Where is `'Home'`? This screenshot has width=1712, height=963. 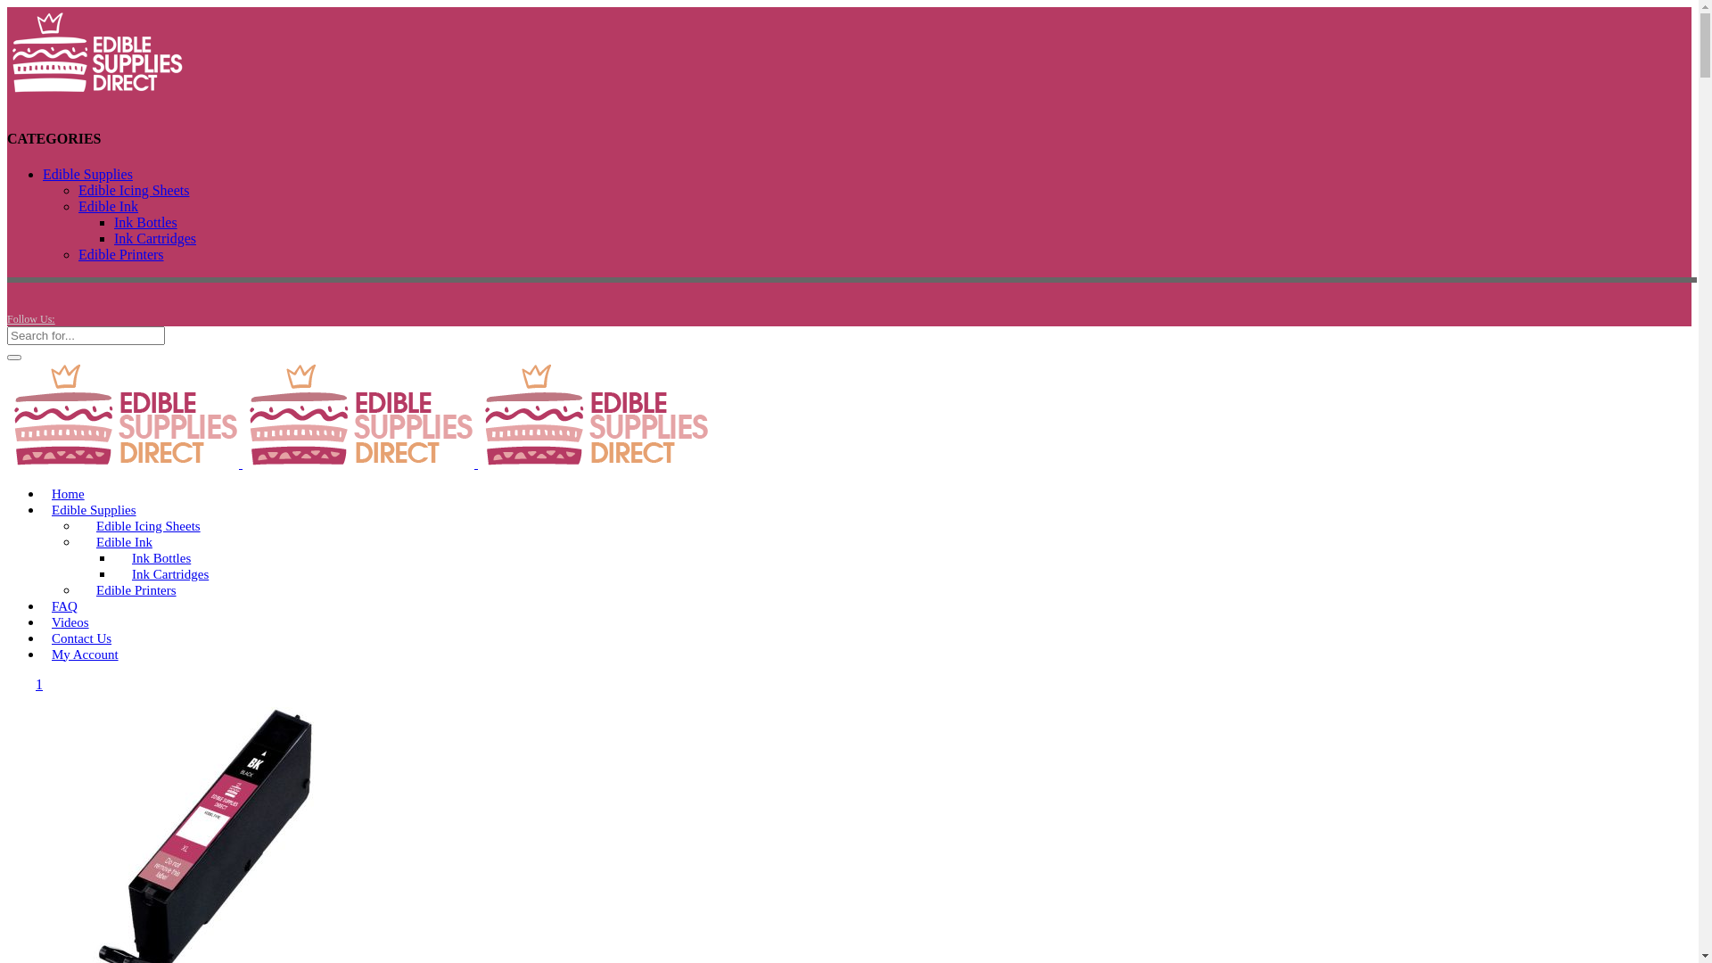 'Home' is located at coordinates (68, 494).